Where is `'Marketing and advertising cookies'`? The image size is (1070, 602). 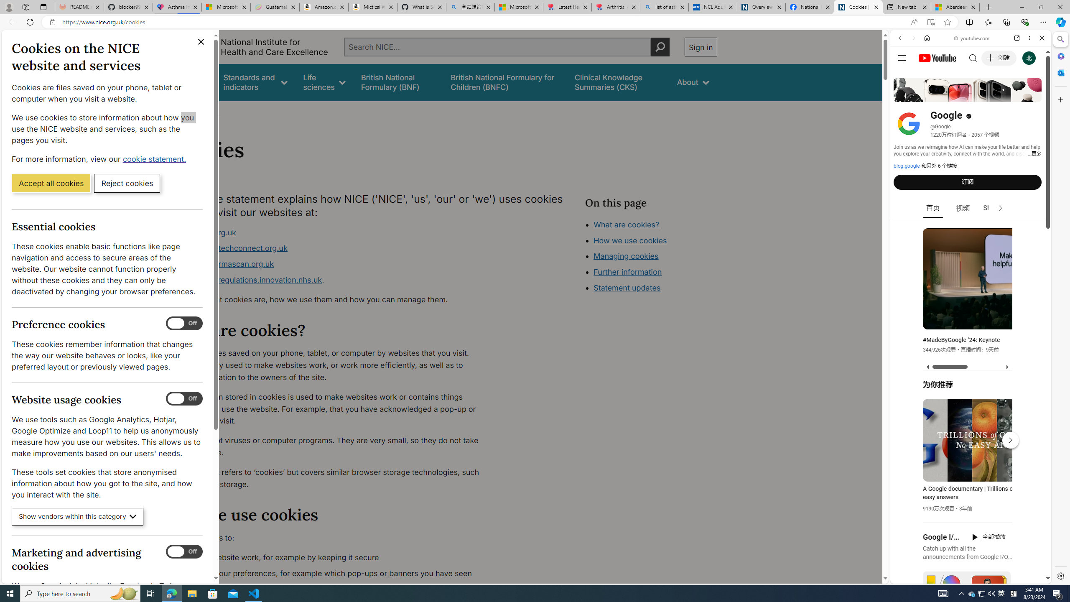 'Marketing and advertising cookies' is located at coordinates (184, 552).